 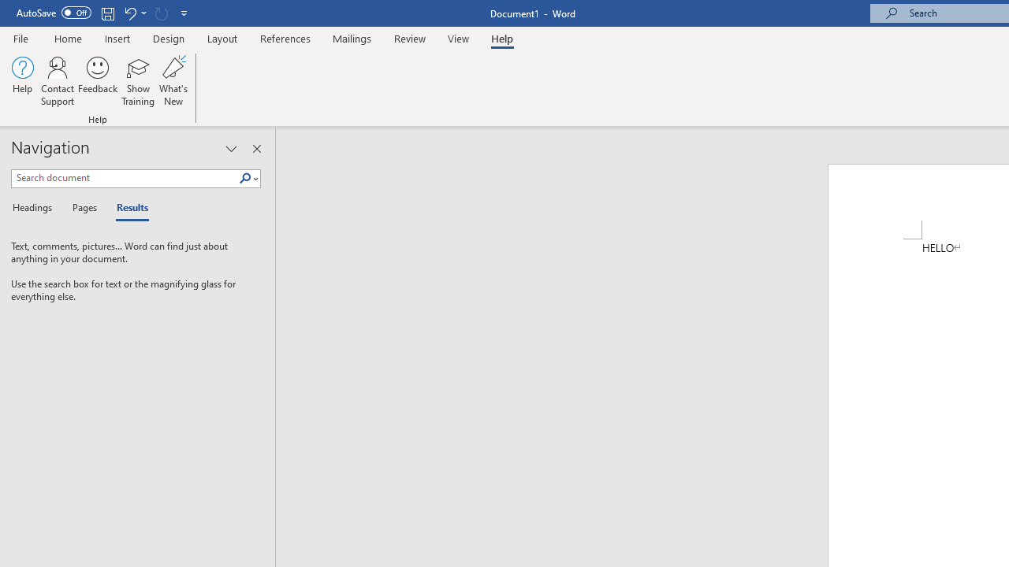 What do you see at coordinates (124, 177) in the screenshot?
I see `'Search document'` at bounding box center [124, 177].